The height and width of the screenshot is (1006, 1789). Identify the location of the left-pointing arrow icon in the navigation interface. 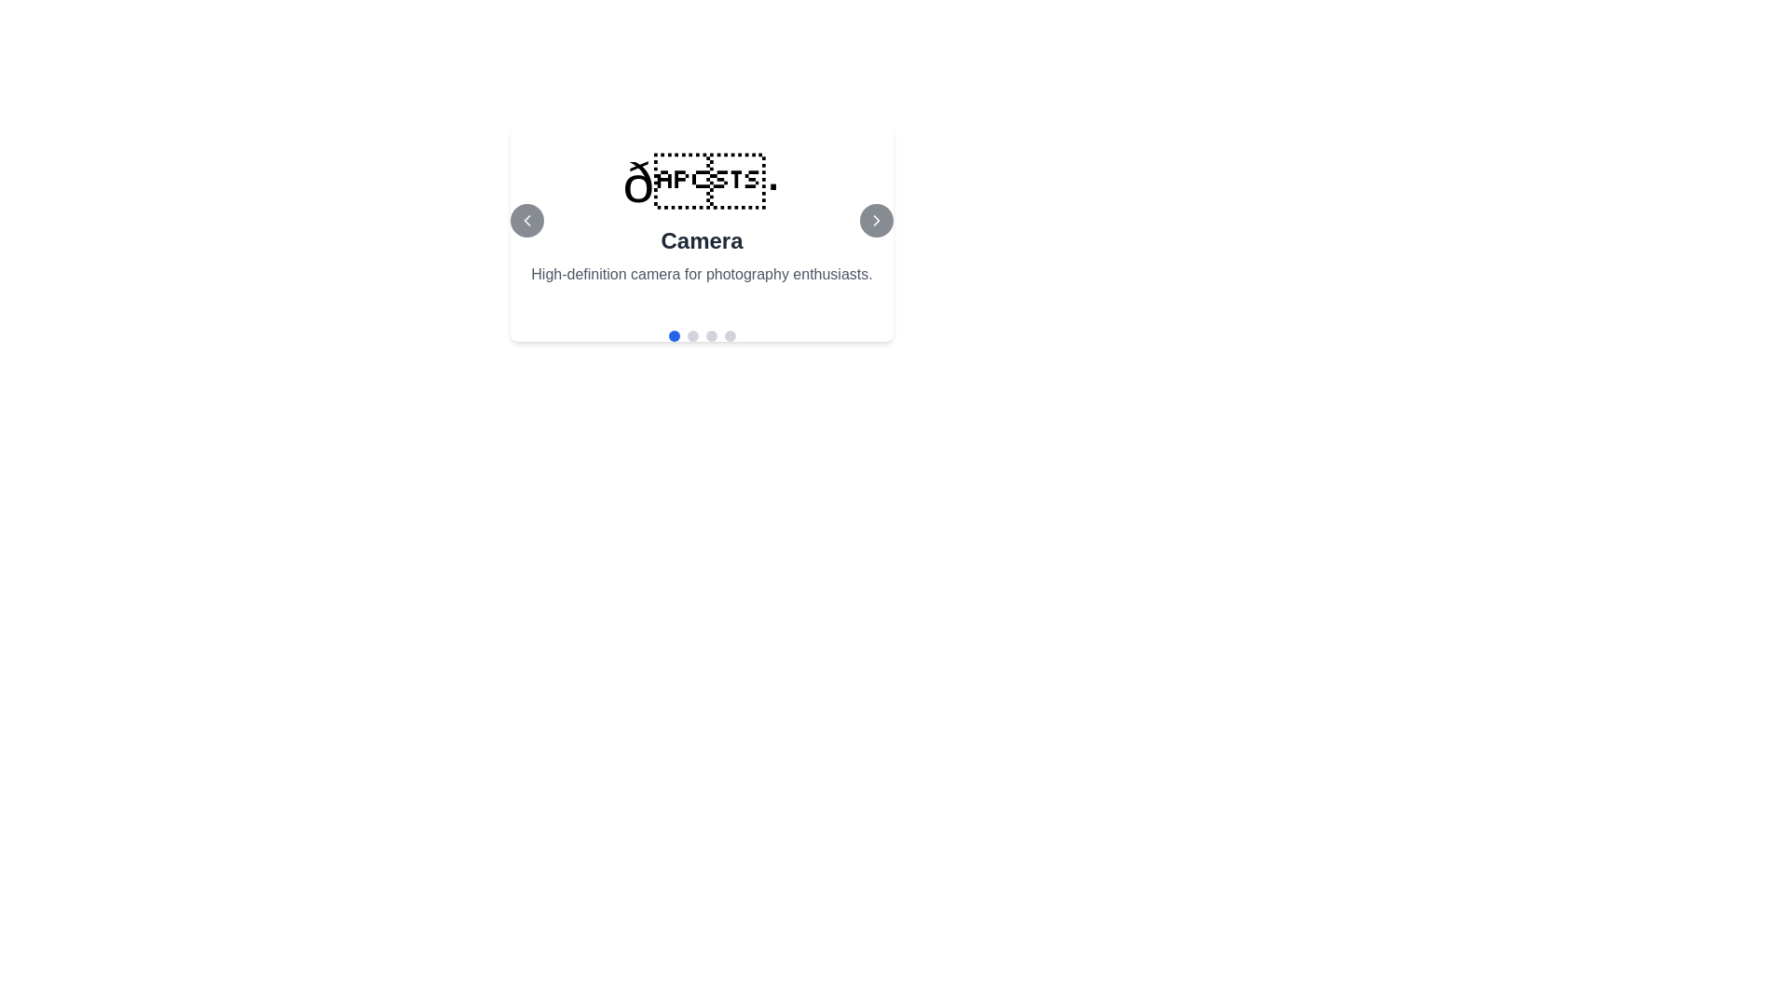
(526, 219).